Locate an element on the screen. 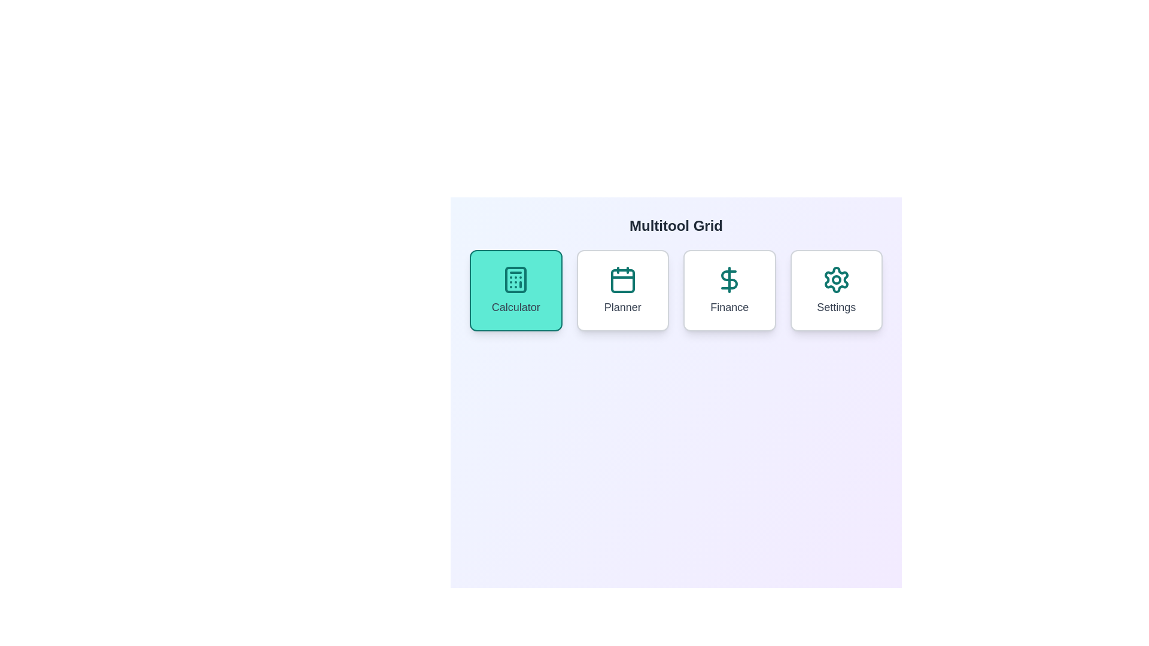  the 'Finance' navigation card, which is the third card in a grid layout is located at coordinates (729, 291).